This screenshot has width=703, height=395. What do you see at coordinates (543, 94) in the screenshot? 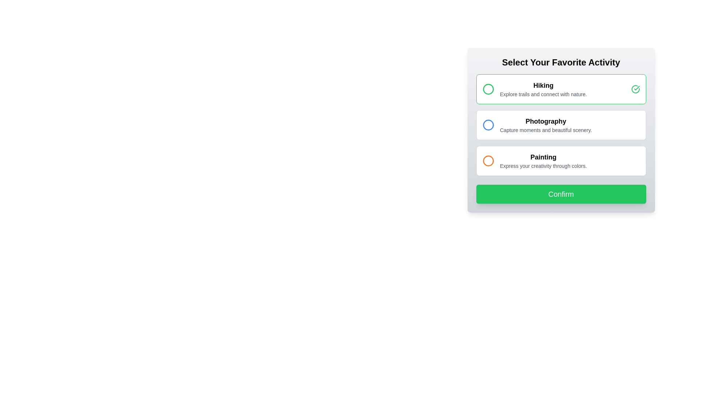
I see `the text description element providing additional information about the 'Hiking' activity, which is located below the title 'Hiking' in the highlighted activity card` at bounding box center [543, 94].